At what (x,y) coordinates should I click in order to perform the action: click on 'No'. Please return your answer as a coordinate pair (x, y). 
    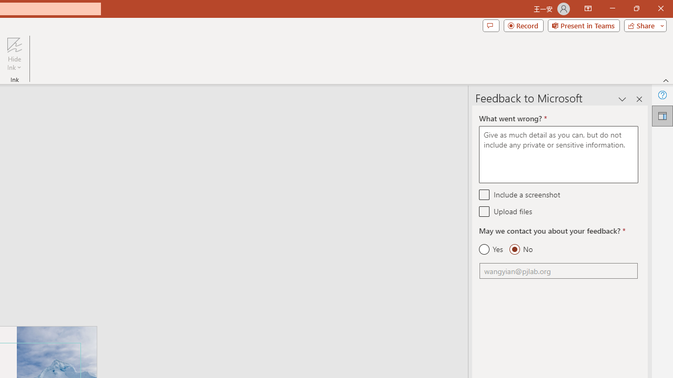
    Looking at the image, I should click on (521, 249).